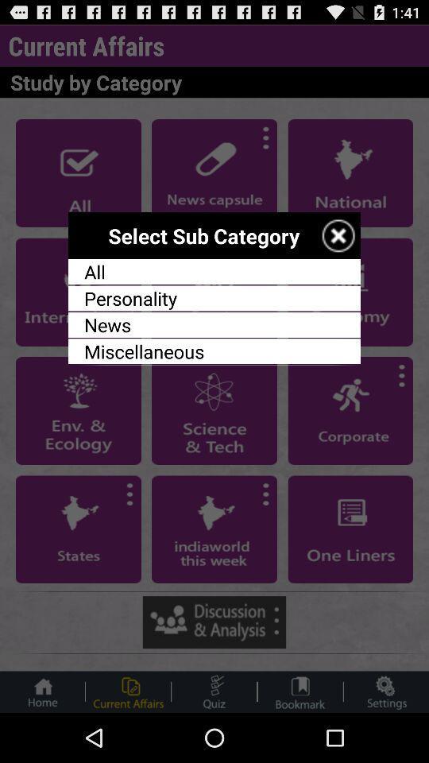 The height and width of the screenshot is (763, 429). What do you see at coordinates (338, 234) in the screenshot?
I see `item at the top right corner` at bounding box center [338, 234].